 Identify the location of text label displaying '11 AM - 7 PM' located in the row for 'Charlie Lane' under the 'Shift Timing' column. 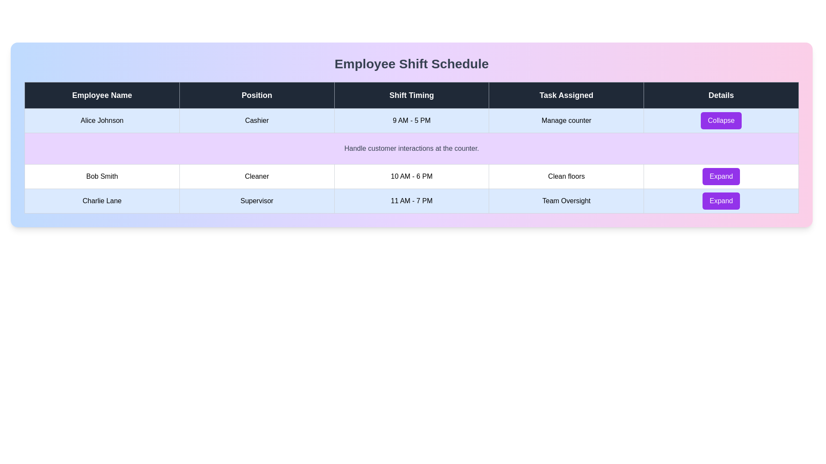
(411, 201).